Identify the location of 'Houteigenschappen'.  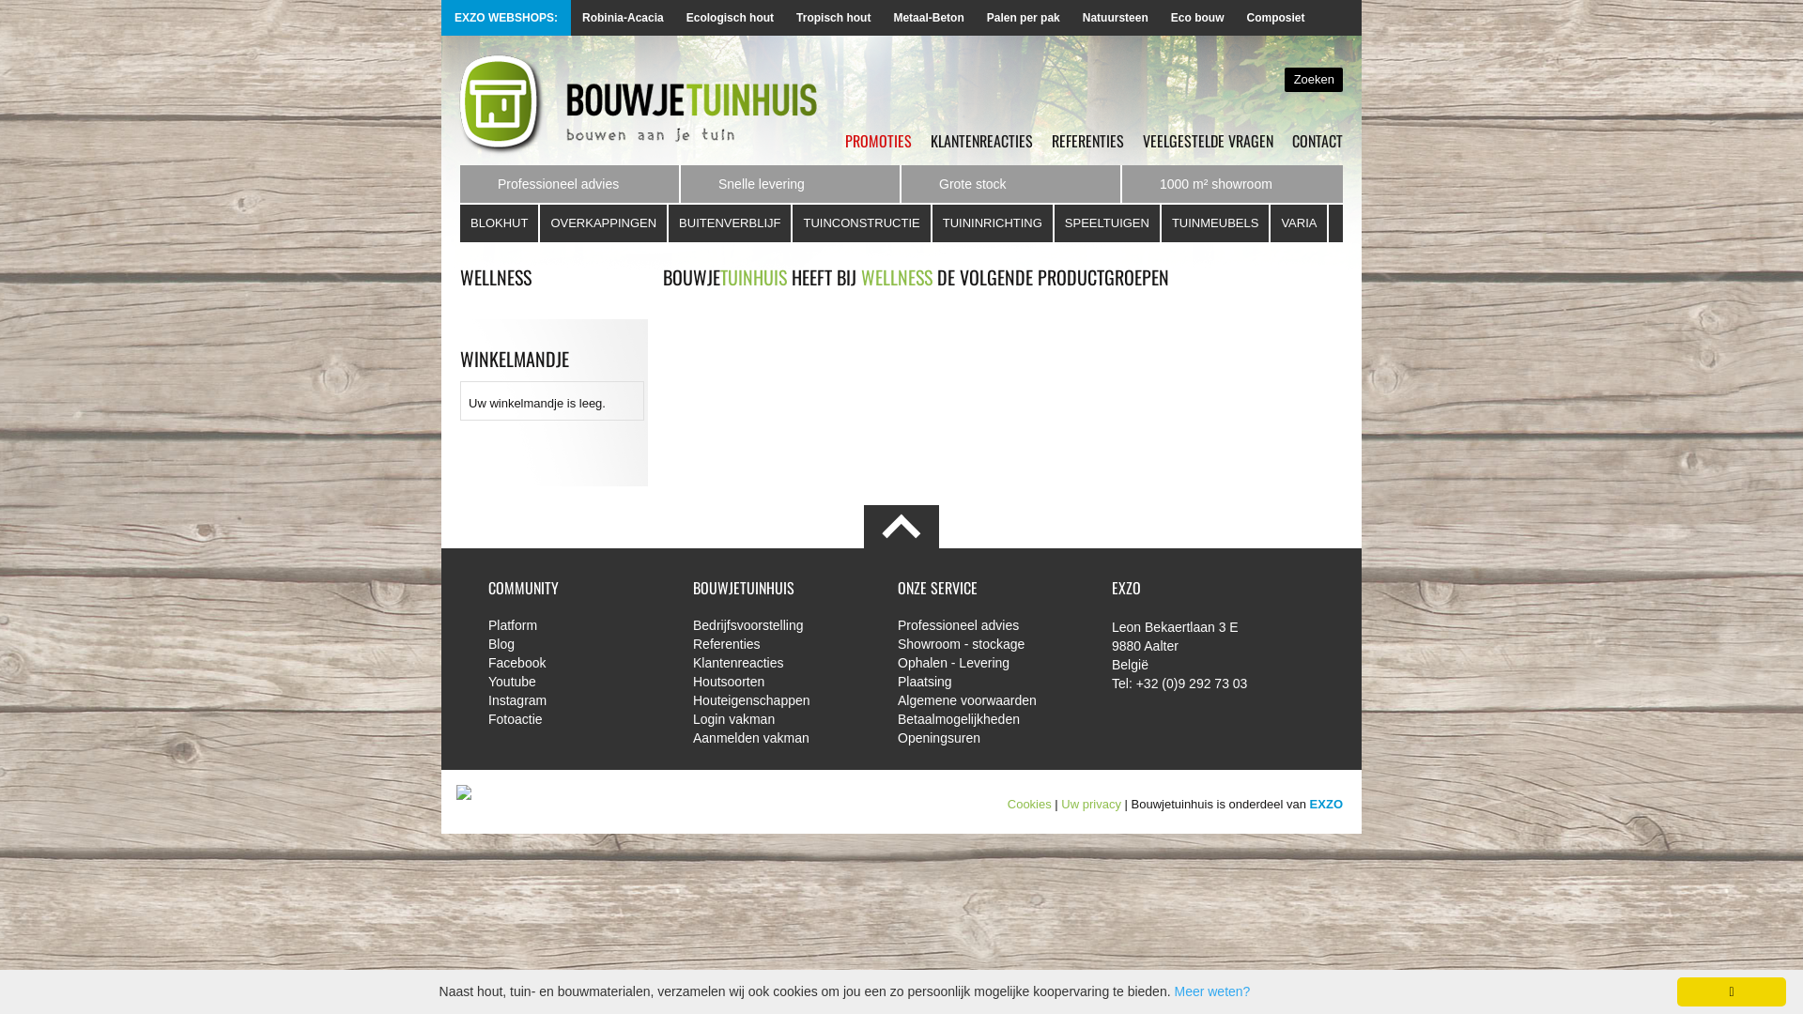
(780, 699).